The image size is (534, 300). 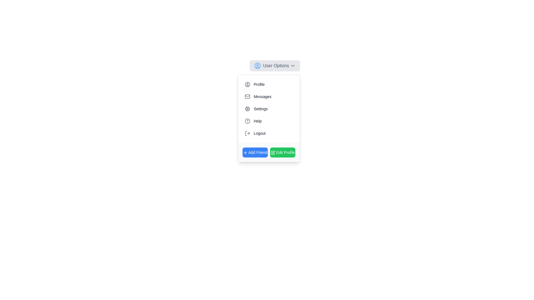 What do you see at coordinates (247, 109) in the screenshot?
I see `the cogwheel icon that serves as a visual indicator for the 'Settings' entry in the dropdown menu under 'User Options'` at bounding box center [247, 109].